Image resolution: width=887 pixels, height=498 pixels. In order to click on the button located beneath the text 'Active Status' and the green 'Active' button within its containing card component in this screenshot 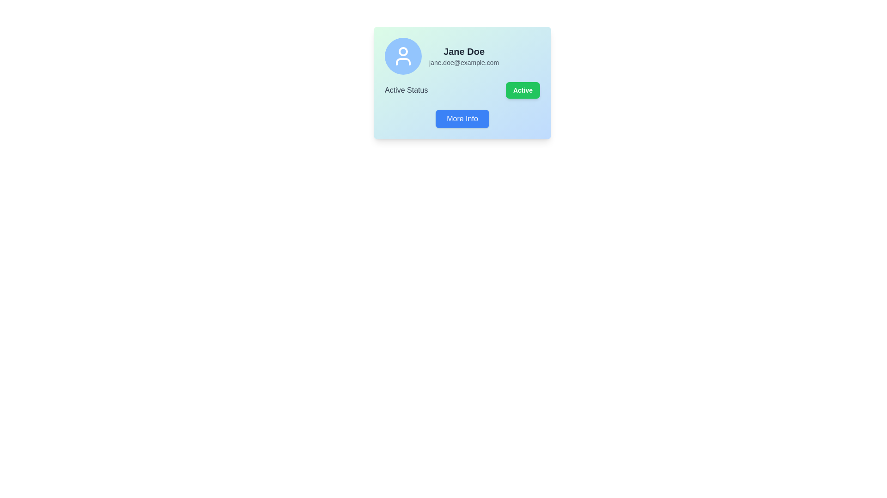, I will do `click(462, 119)`.